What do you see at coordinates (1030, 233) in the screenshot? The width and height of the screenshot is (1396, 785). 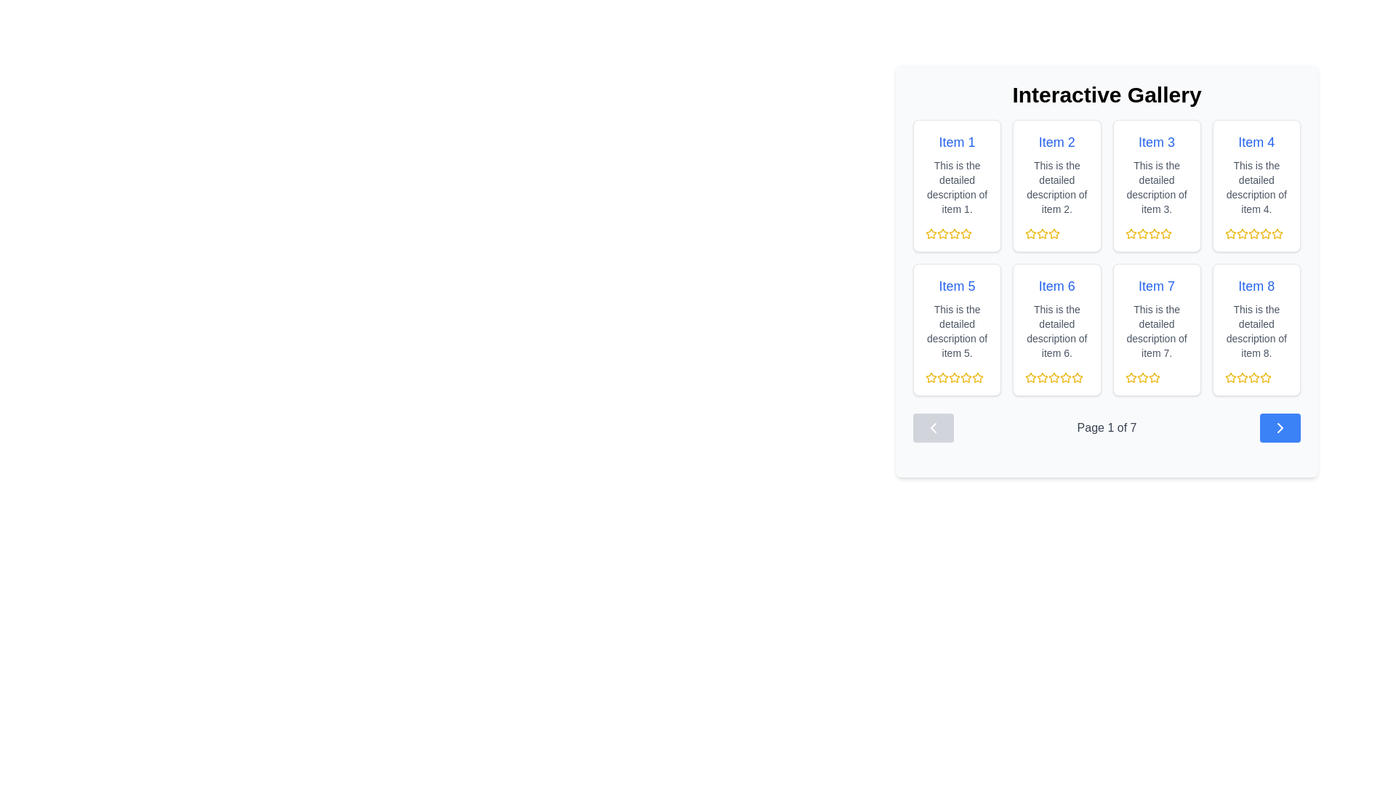 I see `the second star-shaped icon, which is styled in gold, located below the description of 'Item 2' in the interactive gallery` at bounding box center [1030, 233].